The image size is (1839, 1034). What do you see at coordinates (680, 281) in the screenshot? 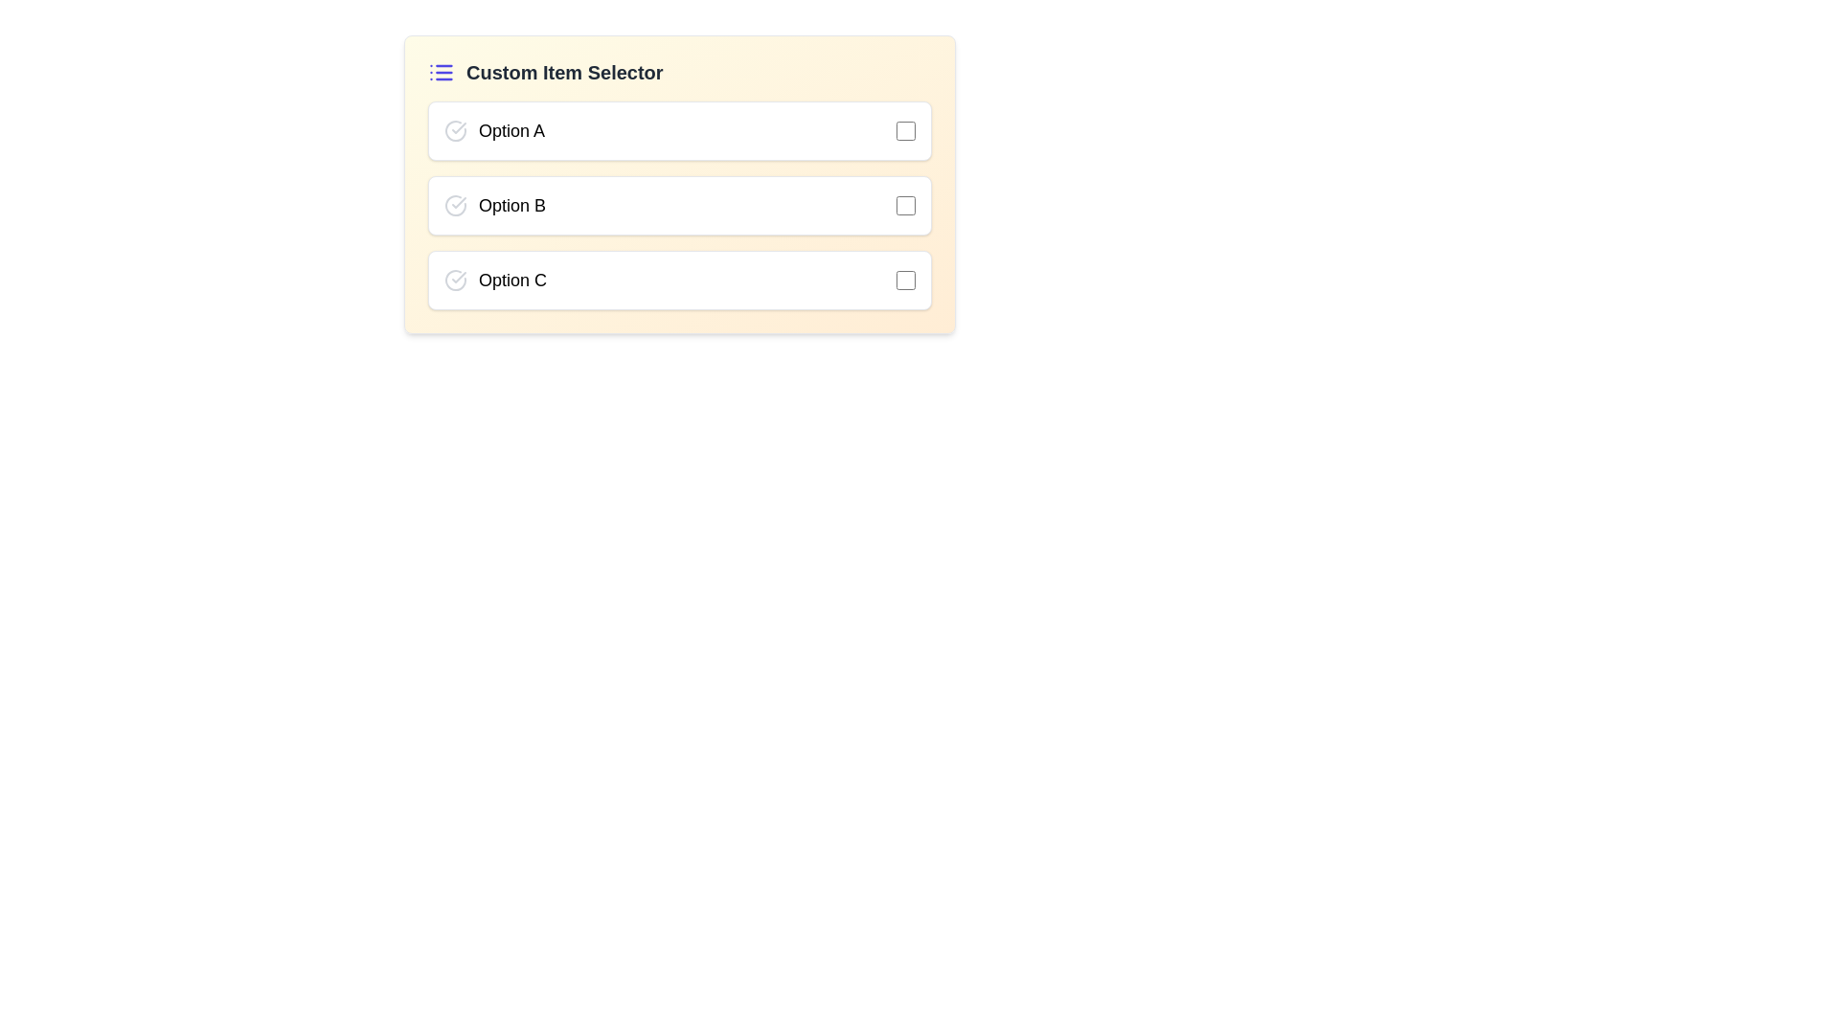
I see `the third list item under the 'Custom Item Selector' section, which includes a checkbox for selection or deselection` at bounding box center [680, 281].